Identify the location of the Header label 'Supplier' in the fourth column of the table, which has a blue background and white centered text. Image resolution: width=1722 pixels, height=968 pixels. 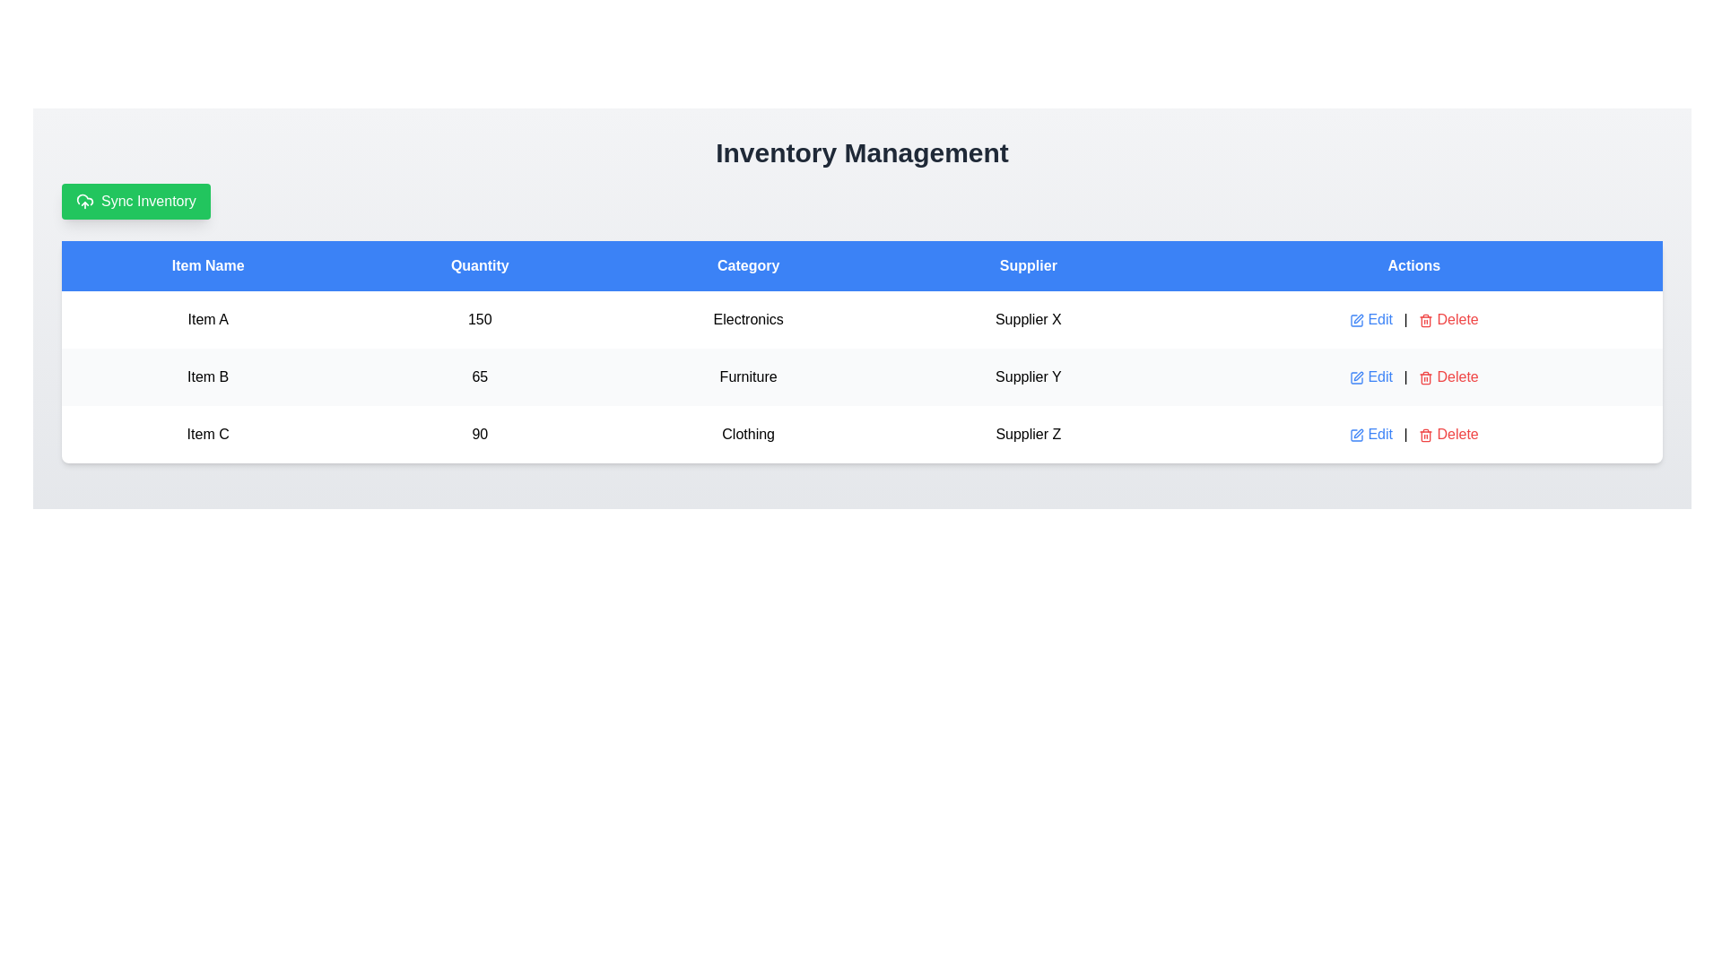
(1028, 266).